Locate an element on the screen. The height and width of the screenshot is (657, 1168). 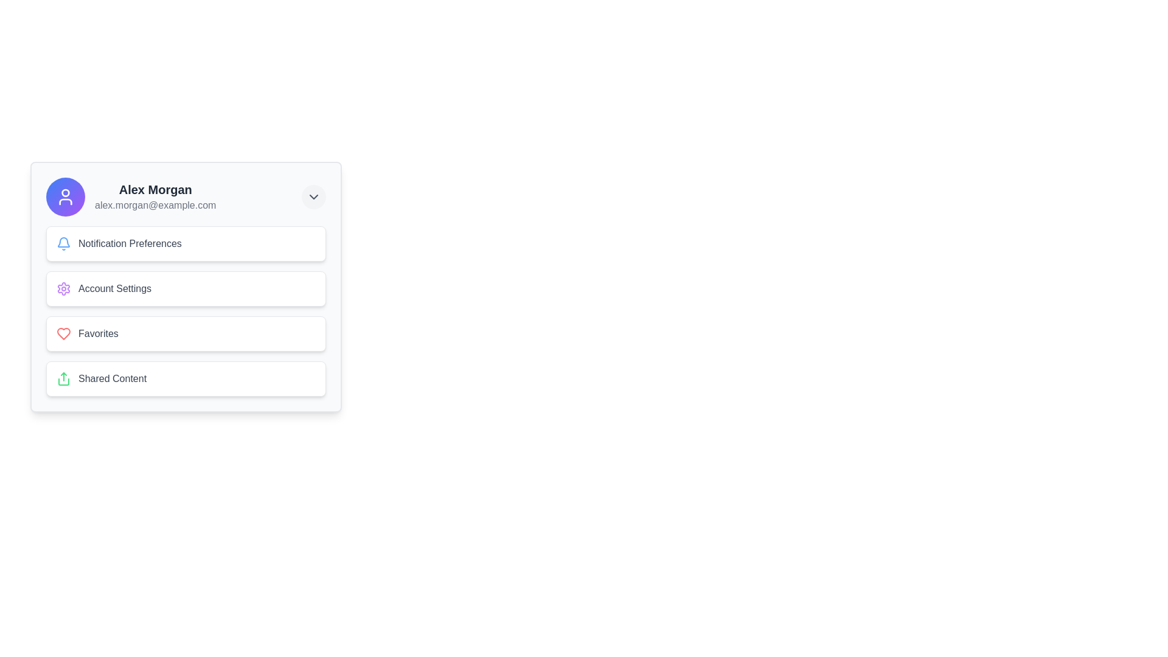
the 'Account Settings' label, which is styled in gray and is the second option in a vertically stacked menu, located to the right of a purple gear icon is located at coordinates (115, 288).